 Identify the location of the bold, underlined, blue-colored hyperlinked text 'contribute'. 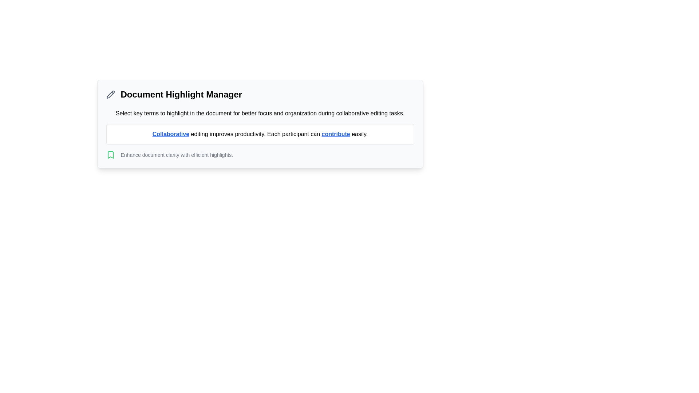
(335, 134).